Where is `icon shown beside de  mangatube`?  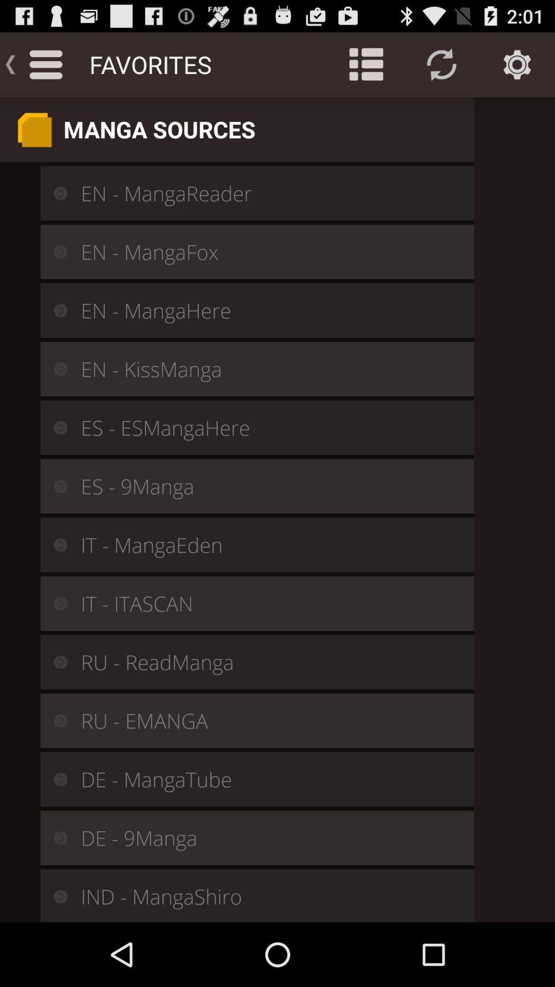 icon shown beside de  mangatube is located at coordinates (53, 779).